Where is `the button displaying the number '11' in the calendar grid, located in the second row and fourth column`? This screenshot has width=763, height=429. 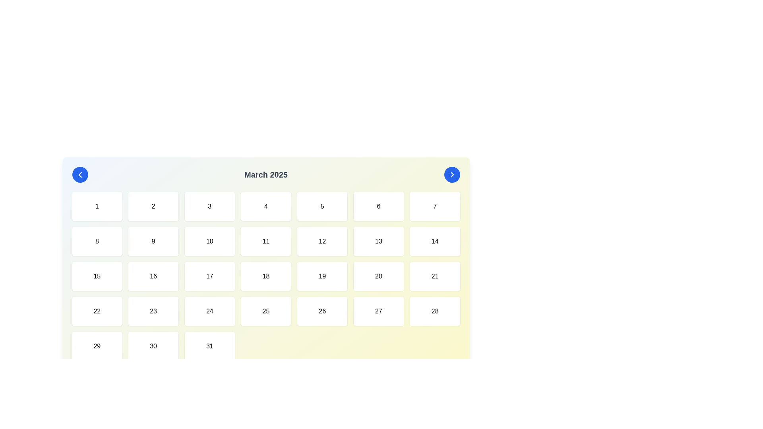 the button displaying the number '11' in the calendar grid, located in the second row and fourth column is located at coordinates (266, 241).